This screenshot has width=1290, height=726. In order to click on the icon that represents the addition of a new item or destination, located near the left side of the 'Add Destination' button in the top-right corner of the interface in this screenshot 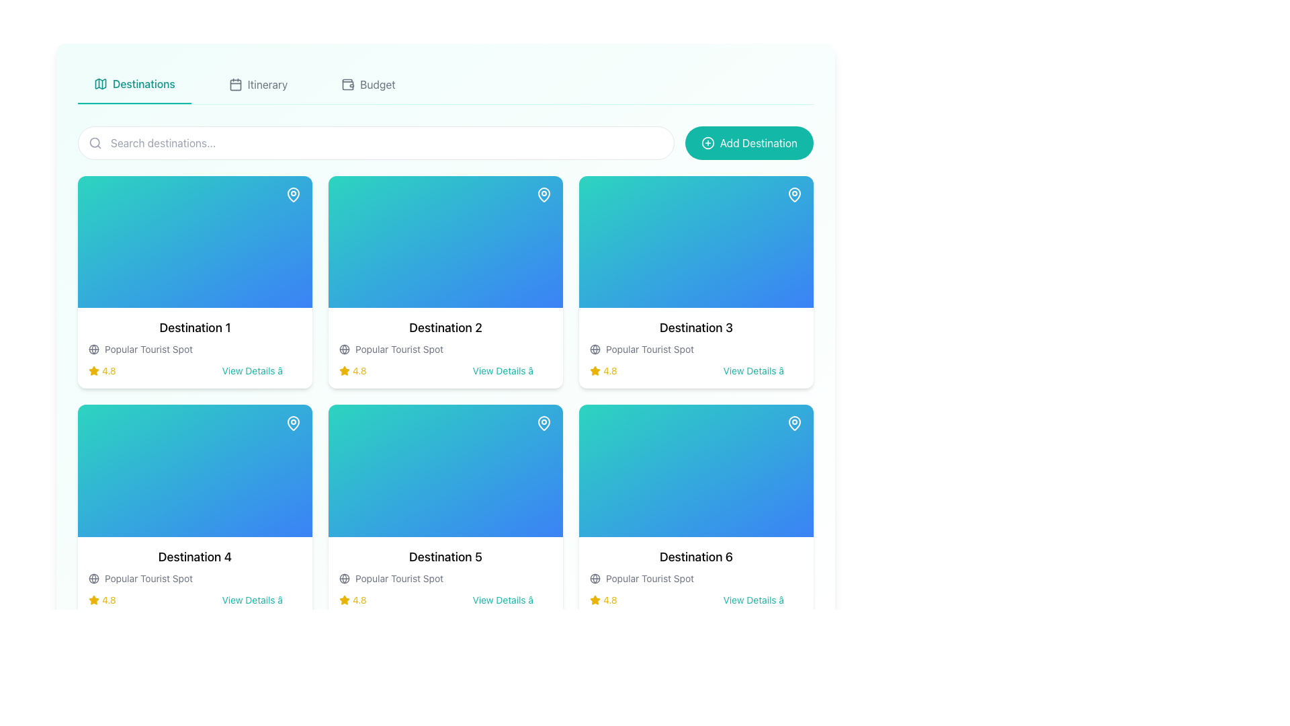, I will do `click(707, 143)`.